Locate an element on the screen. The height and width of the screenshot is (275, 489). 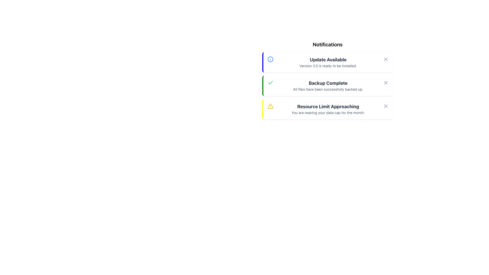
the Notification card that informs the user about the completion of a backup task, which is the second notification in a vertical stack is located at coordinates (328, 85).